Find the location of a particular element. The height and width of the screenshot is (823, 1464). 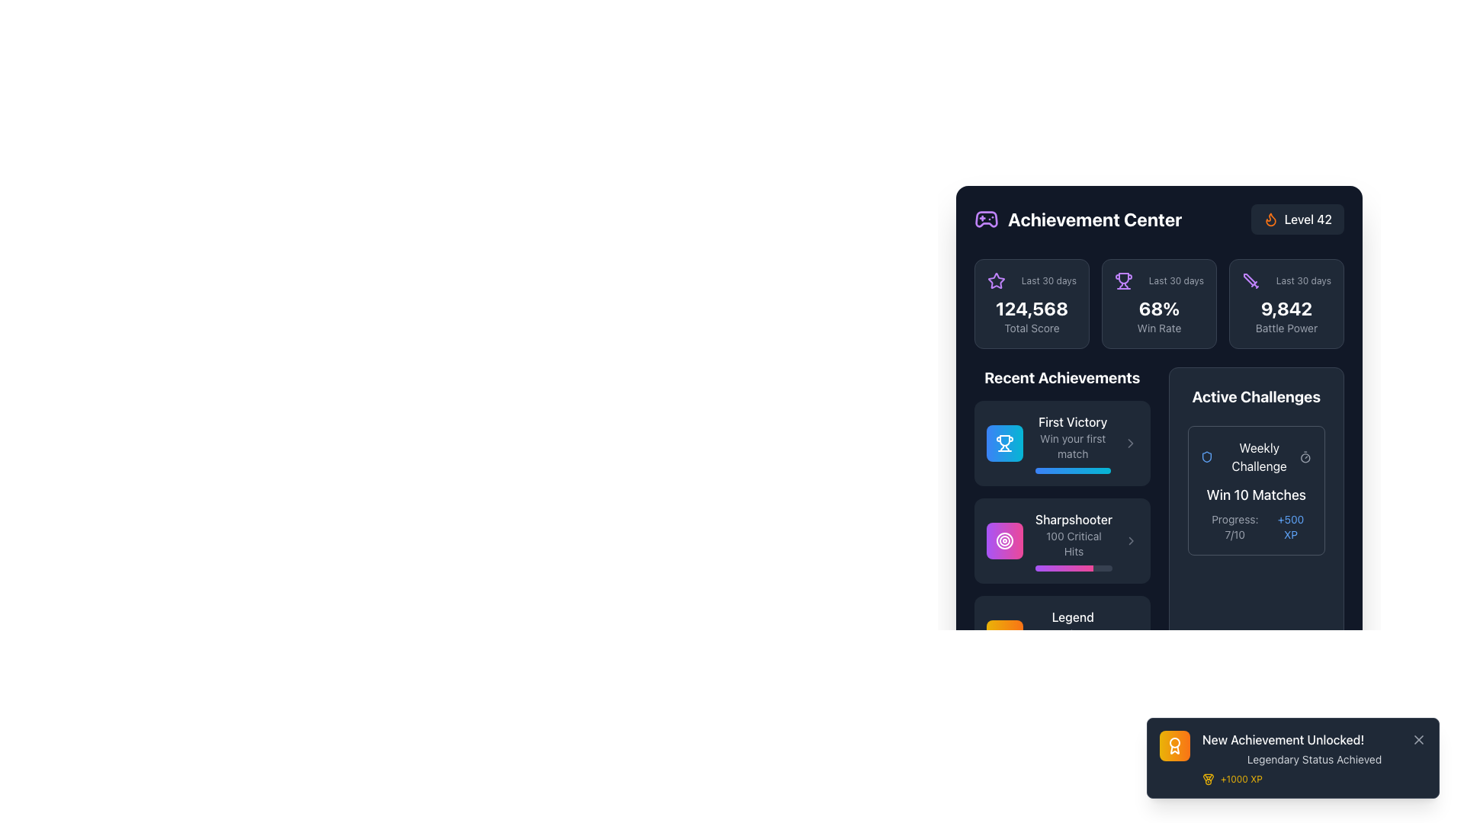

the Statistical display unit displaying the Total Score of '124,568' in the Achievement Center section is located at coordinates (1032, 315).